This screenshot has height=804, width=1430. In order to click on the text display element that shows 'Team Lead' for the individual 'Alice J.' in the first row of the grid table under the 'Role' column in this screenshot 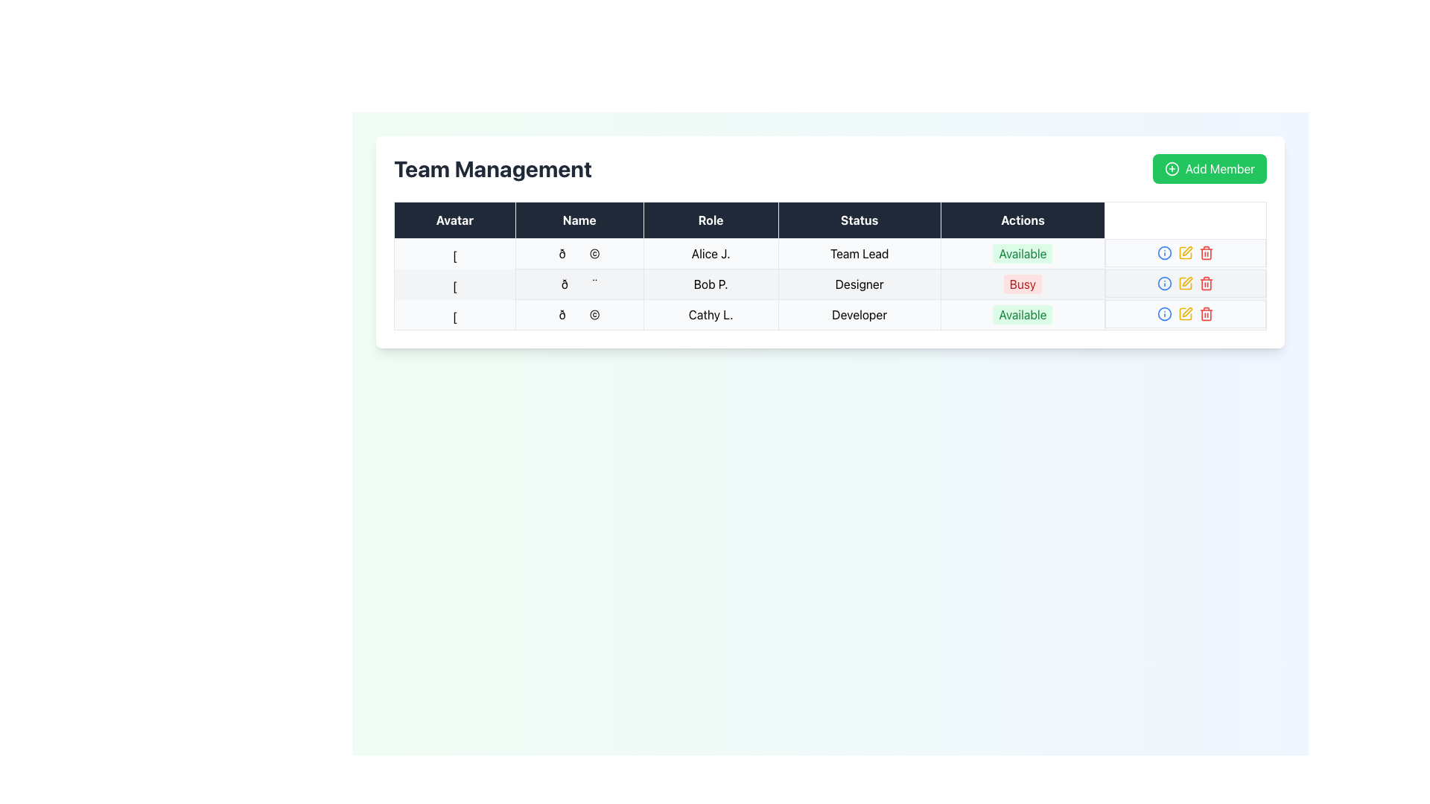, I will do `click(829, 252)`.